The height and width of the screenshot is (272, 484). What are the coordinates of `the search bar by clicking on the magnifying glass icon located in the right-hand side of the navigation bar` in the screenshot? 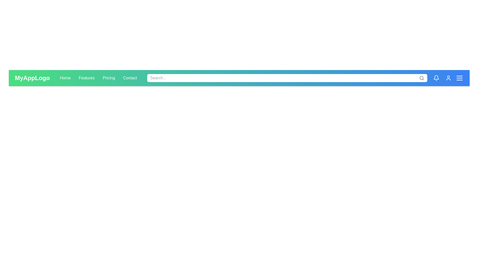 It's located at (421, 78).